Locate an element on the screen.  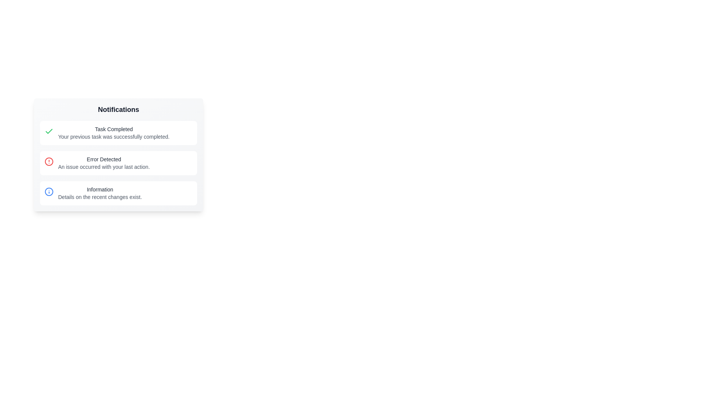
the Notification Message displaying 'Error Detected' is located at coordinates (103, 162).